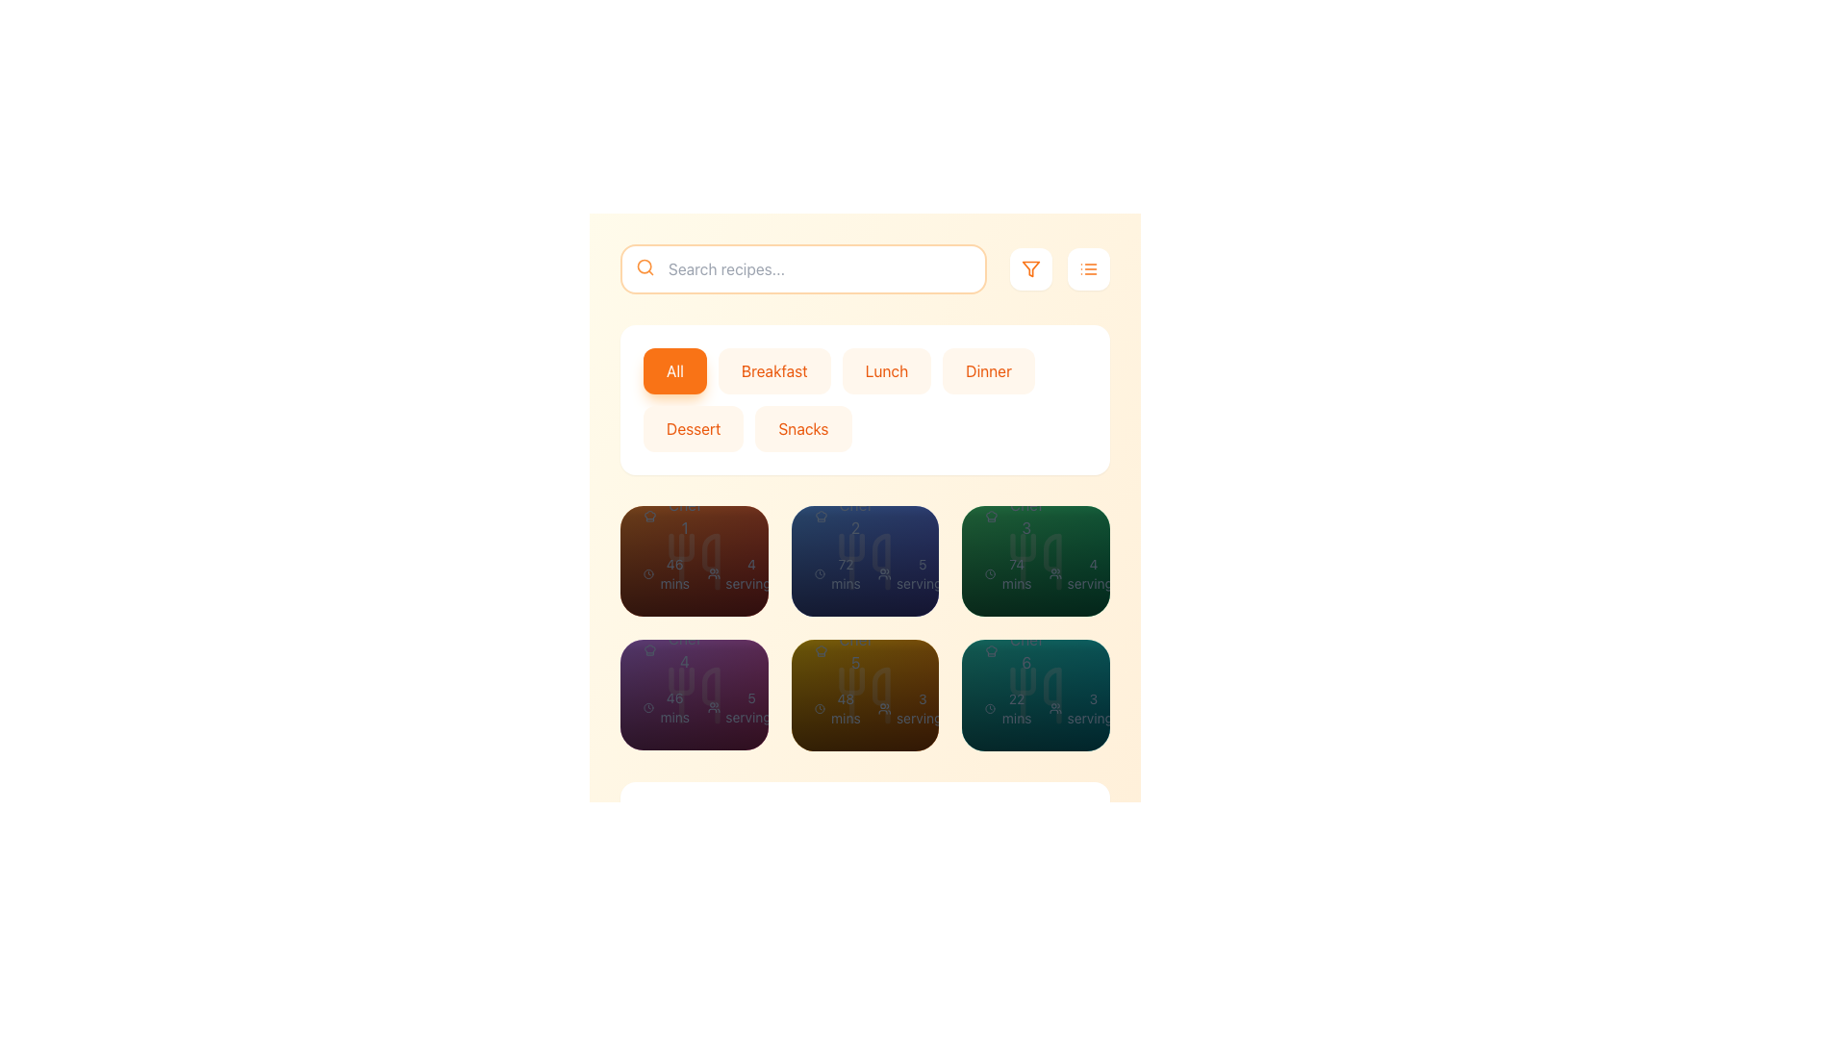 The width and height of the screenshot is (1847, 1039). What do you see at coordinates (636, 561) in the screenshot?
I see `the like button located in the top-left corner of the first card in the second section of stacked cards to express liking or favoriting of the associated content` at bounding box center [636, 561].